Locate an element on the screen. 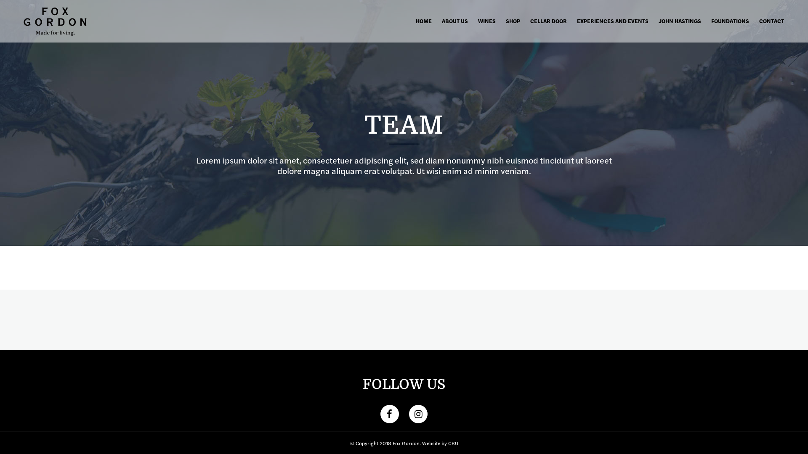  'ABOUT US' is located at coordinates (454, 21).